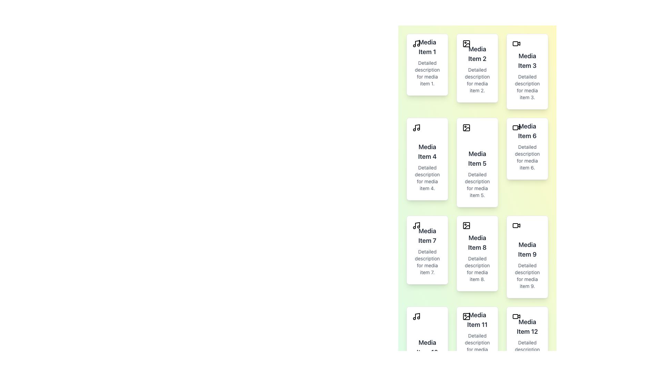 This screenshot has width=662, height=372. What do you see at coordinates (477, 346) in the screenshot?
I see `text block providing supplementary information for the media item labeled 'Media Item 11', located in the fourth row and second column of the grid layout` at bounding box center [477, 346].